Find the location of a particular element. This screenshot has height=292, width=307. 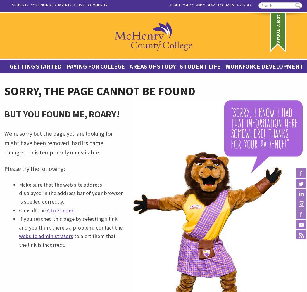

'to alert them that the link is incorrect.' is located at coordinates (67, 240).